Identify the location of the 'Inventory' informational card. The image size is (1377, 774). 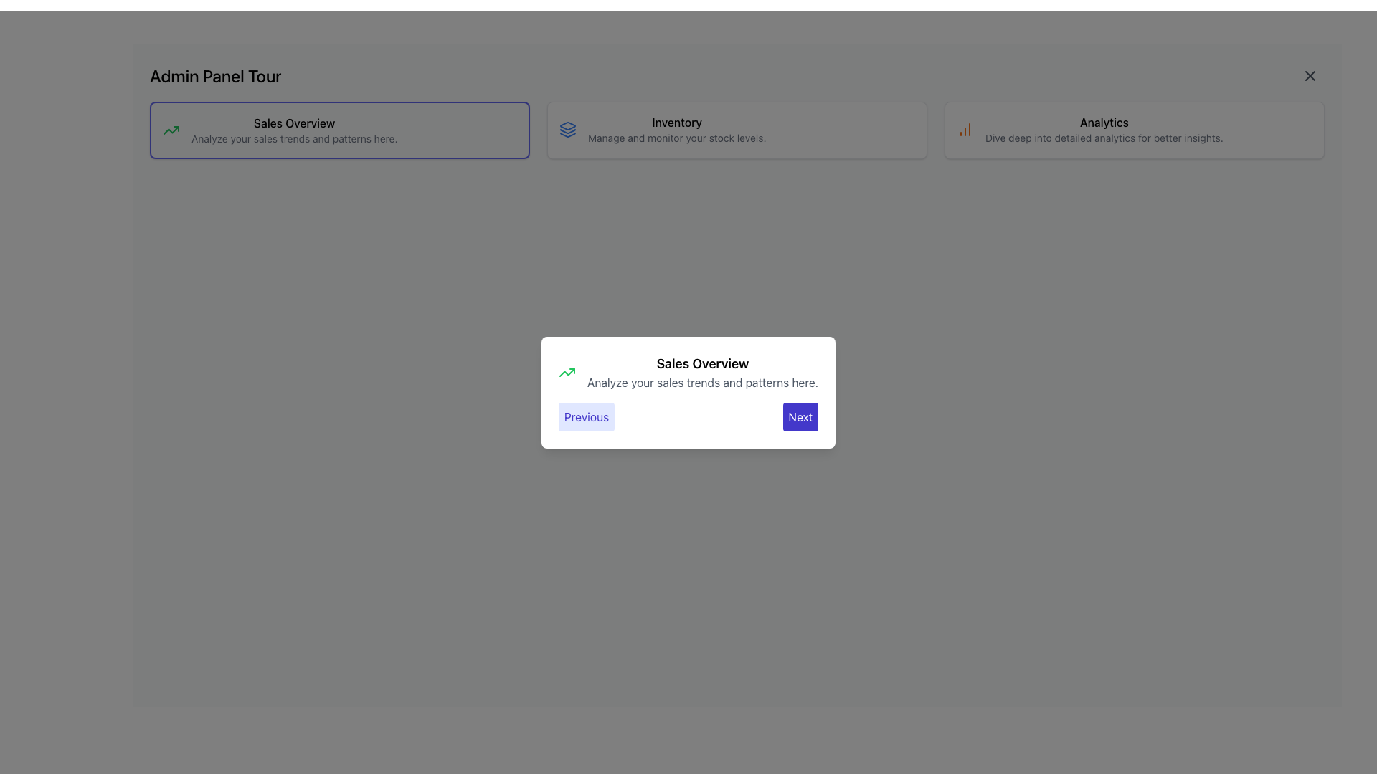
(737, 130).